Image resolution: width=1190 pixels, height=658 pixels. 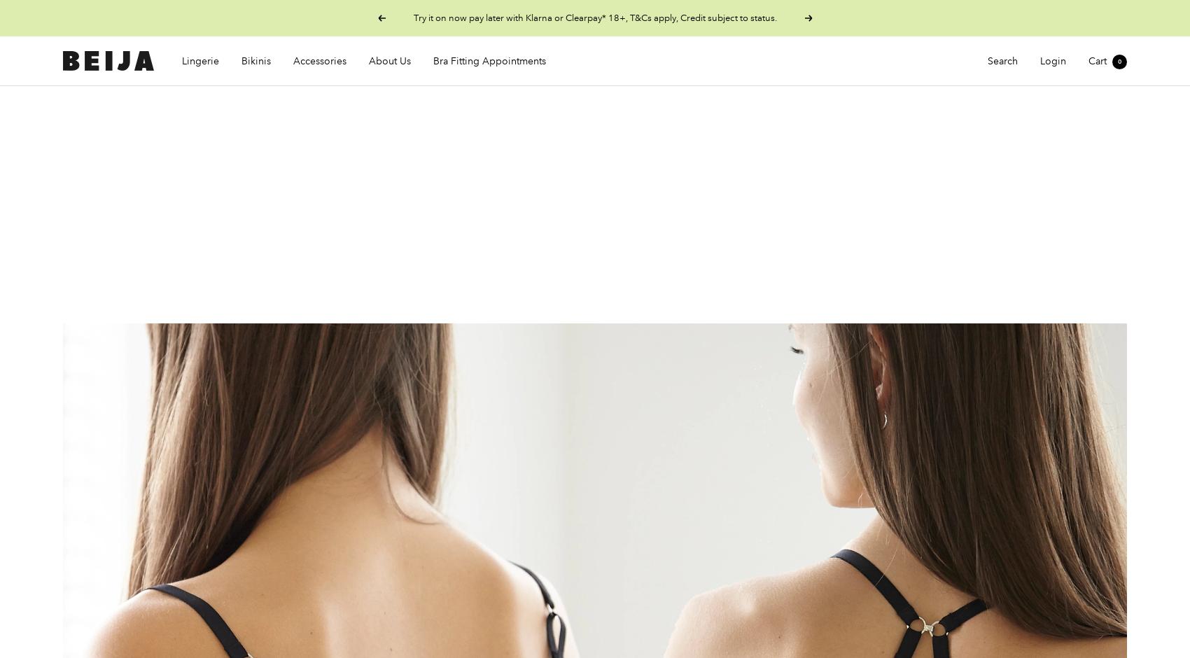 What do you see at coordinates (1119, 61) in the screenshot?
I see `'0'` at bounding box center [1119, 61].